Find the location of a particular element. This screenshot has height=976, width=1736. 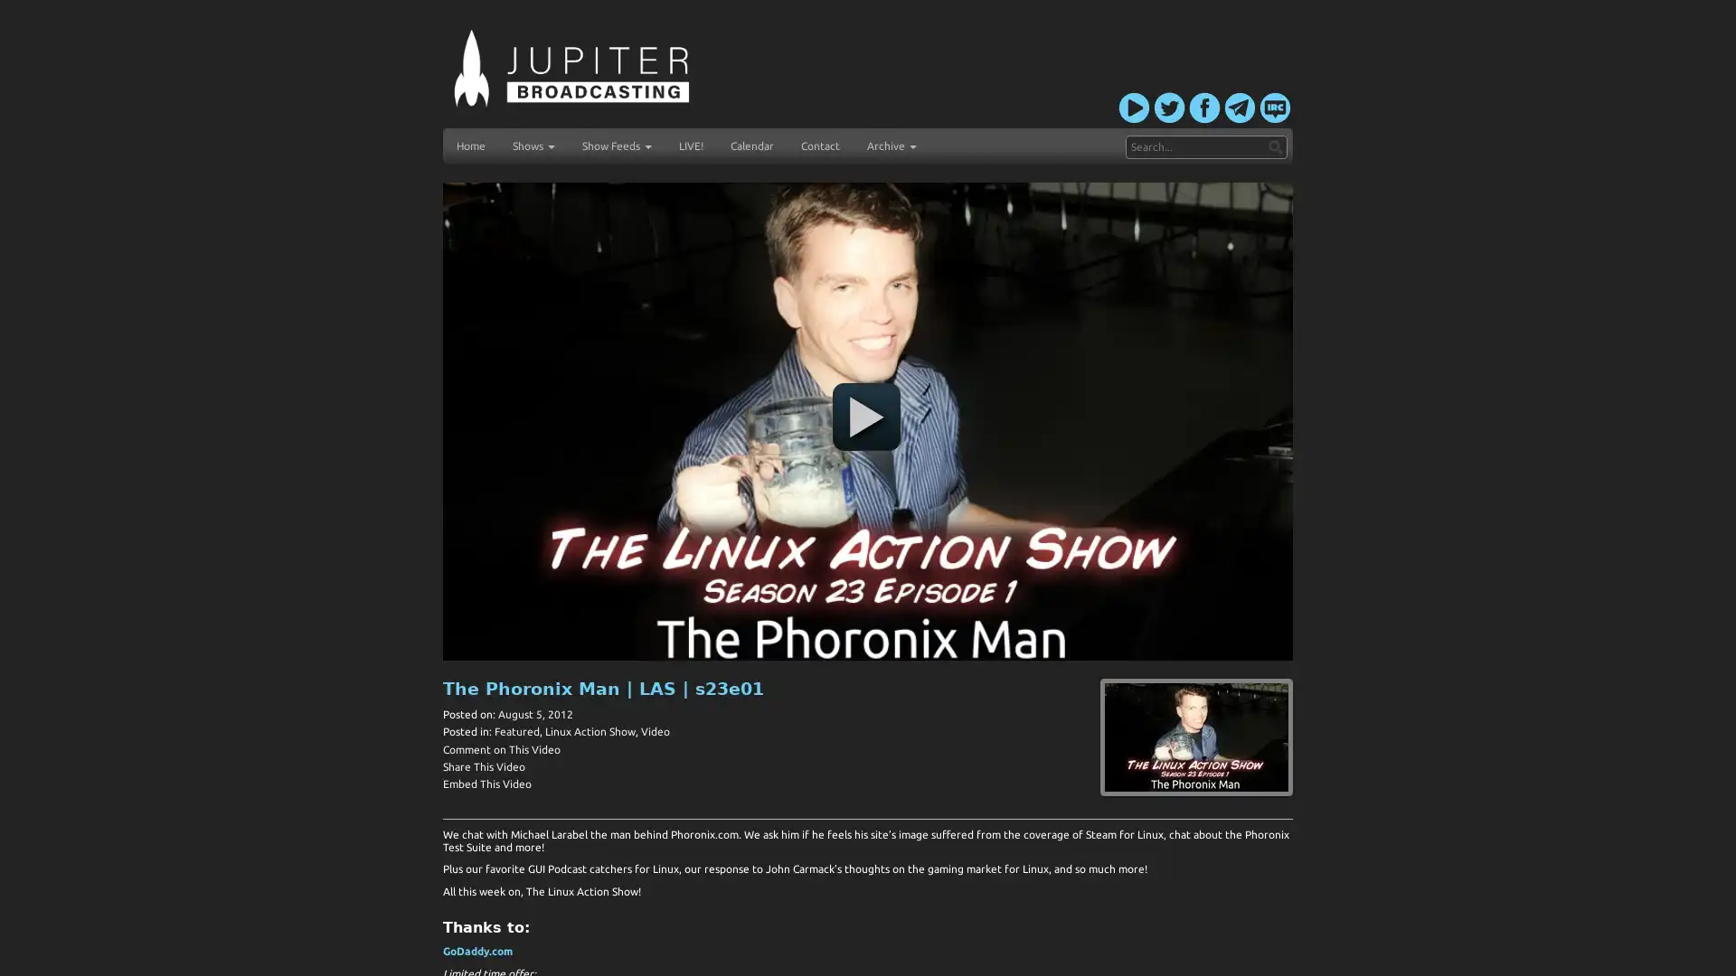

play video is located at coordinates (865, 417).